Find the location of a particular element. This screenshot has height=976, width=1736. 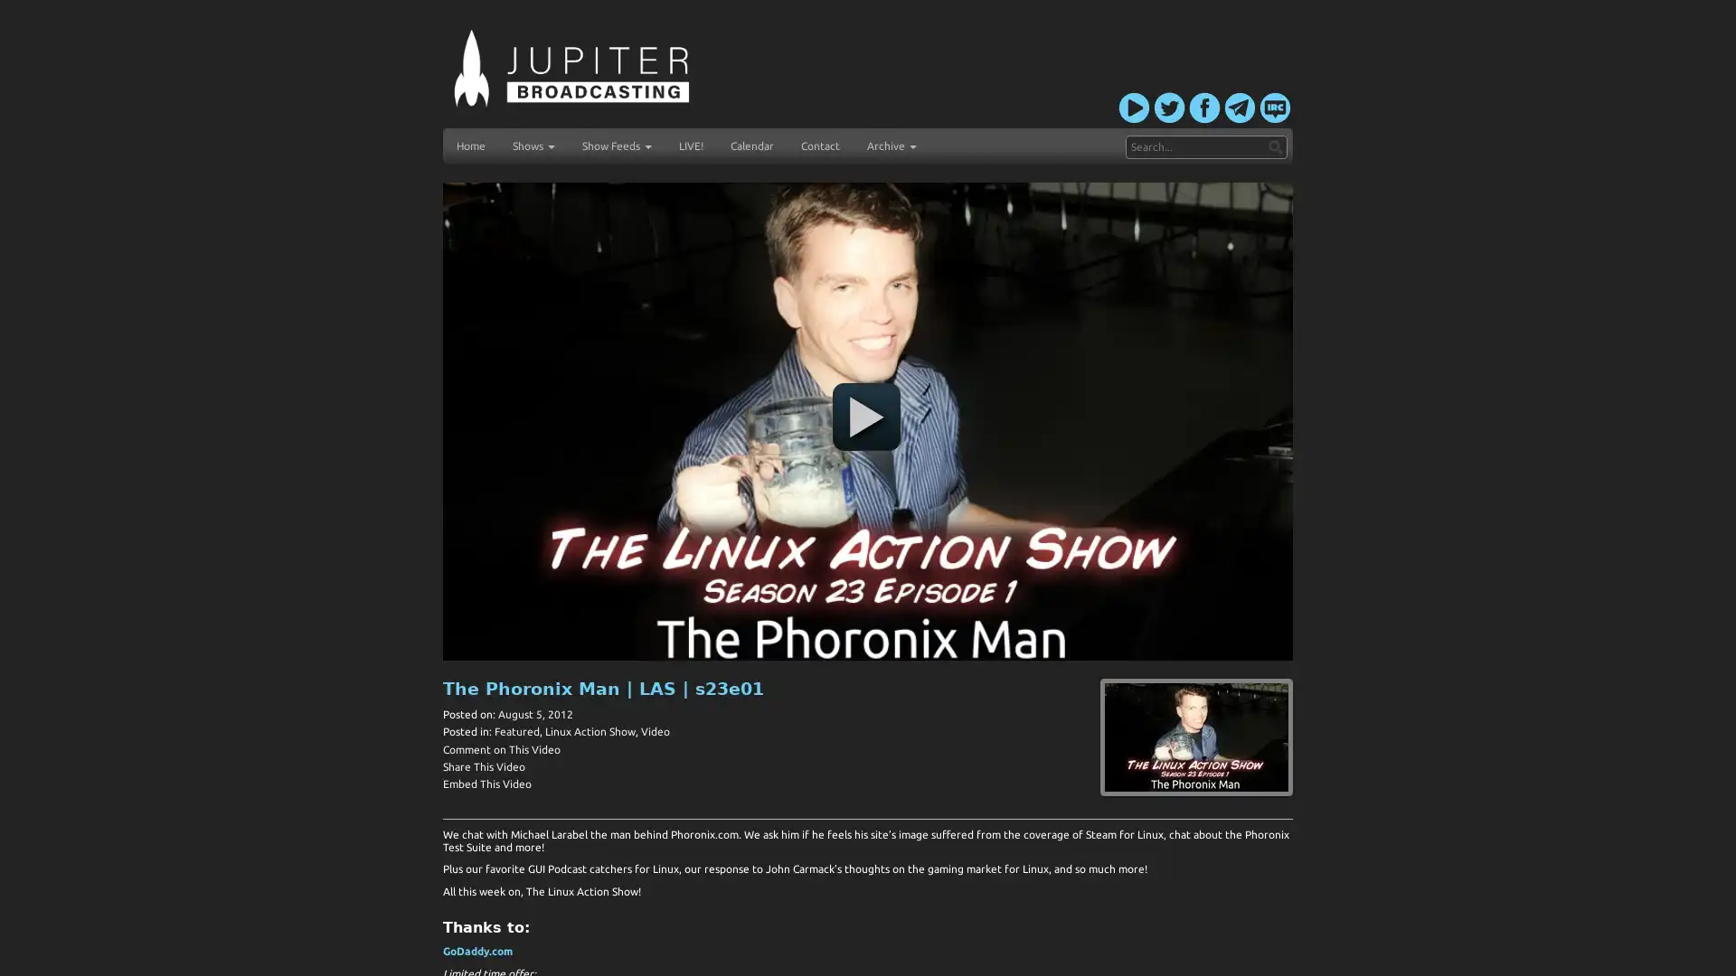

play video is located at coordinates (865, 417).